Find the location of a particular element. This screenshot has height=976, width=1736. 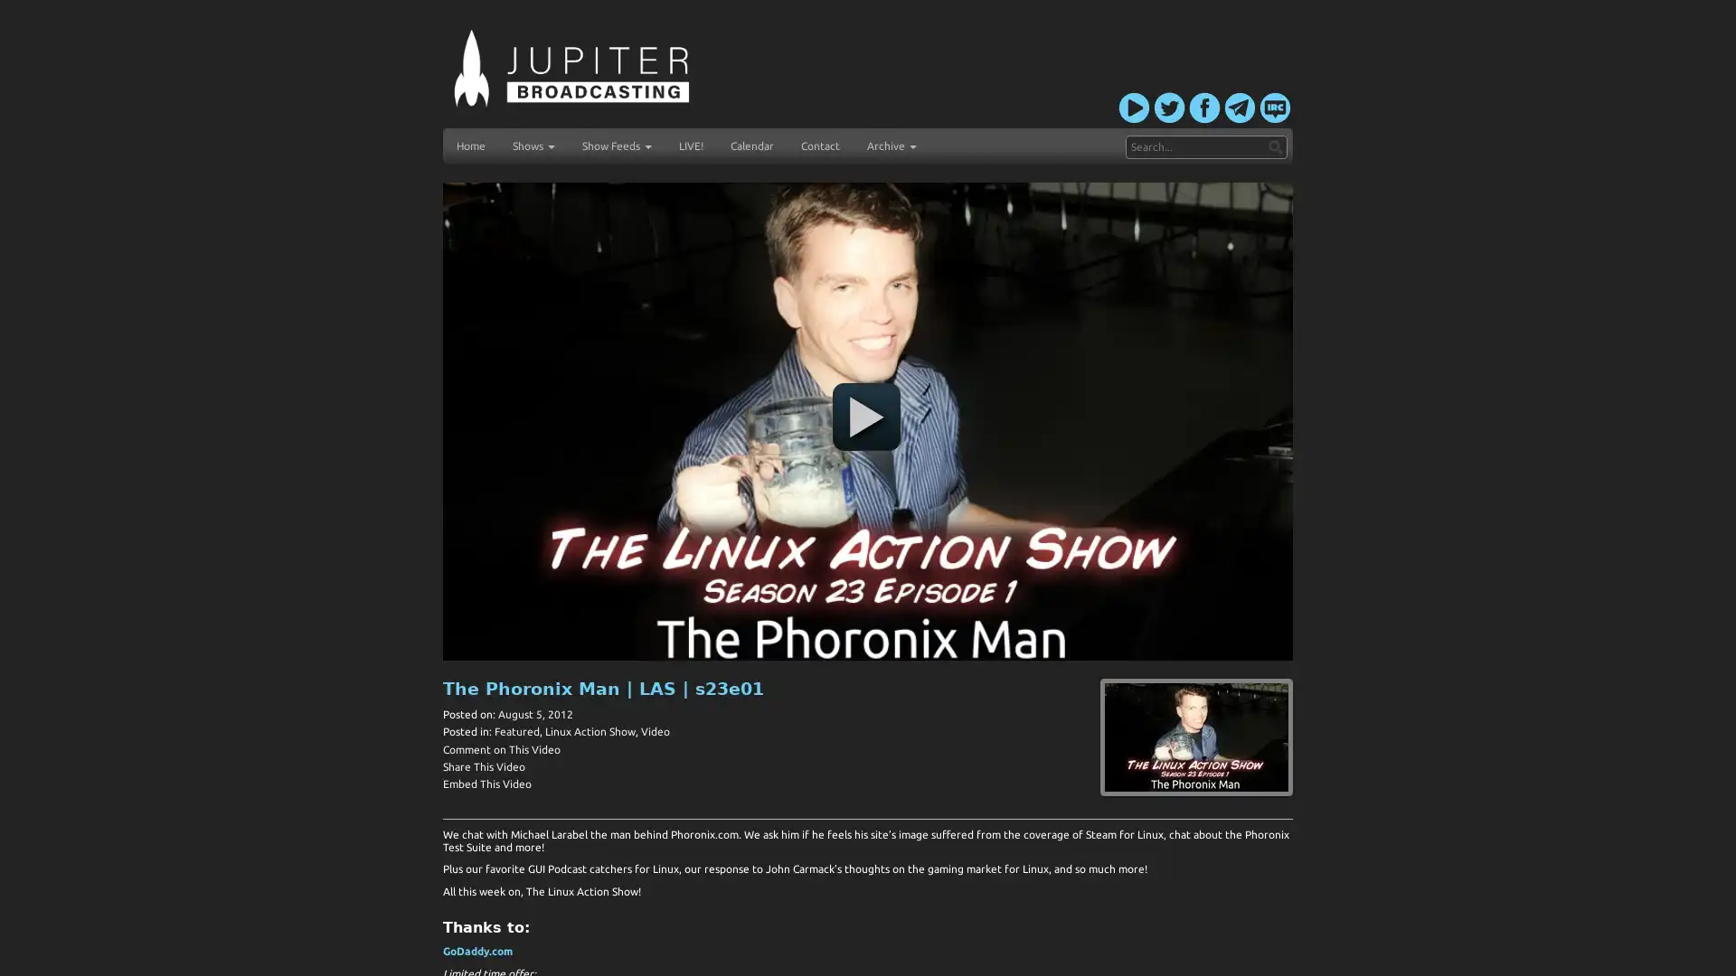

play video is located at coordinates (865, 417).